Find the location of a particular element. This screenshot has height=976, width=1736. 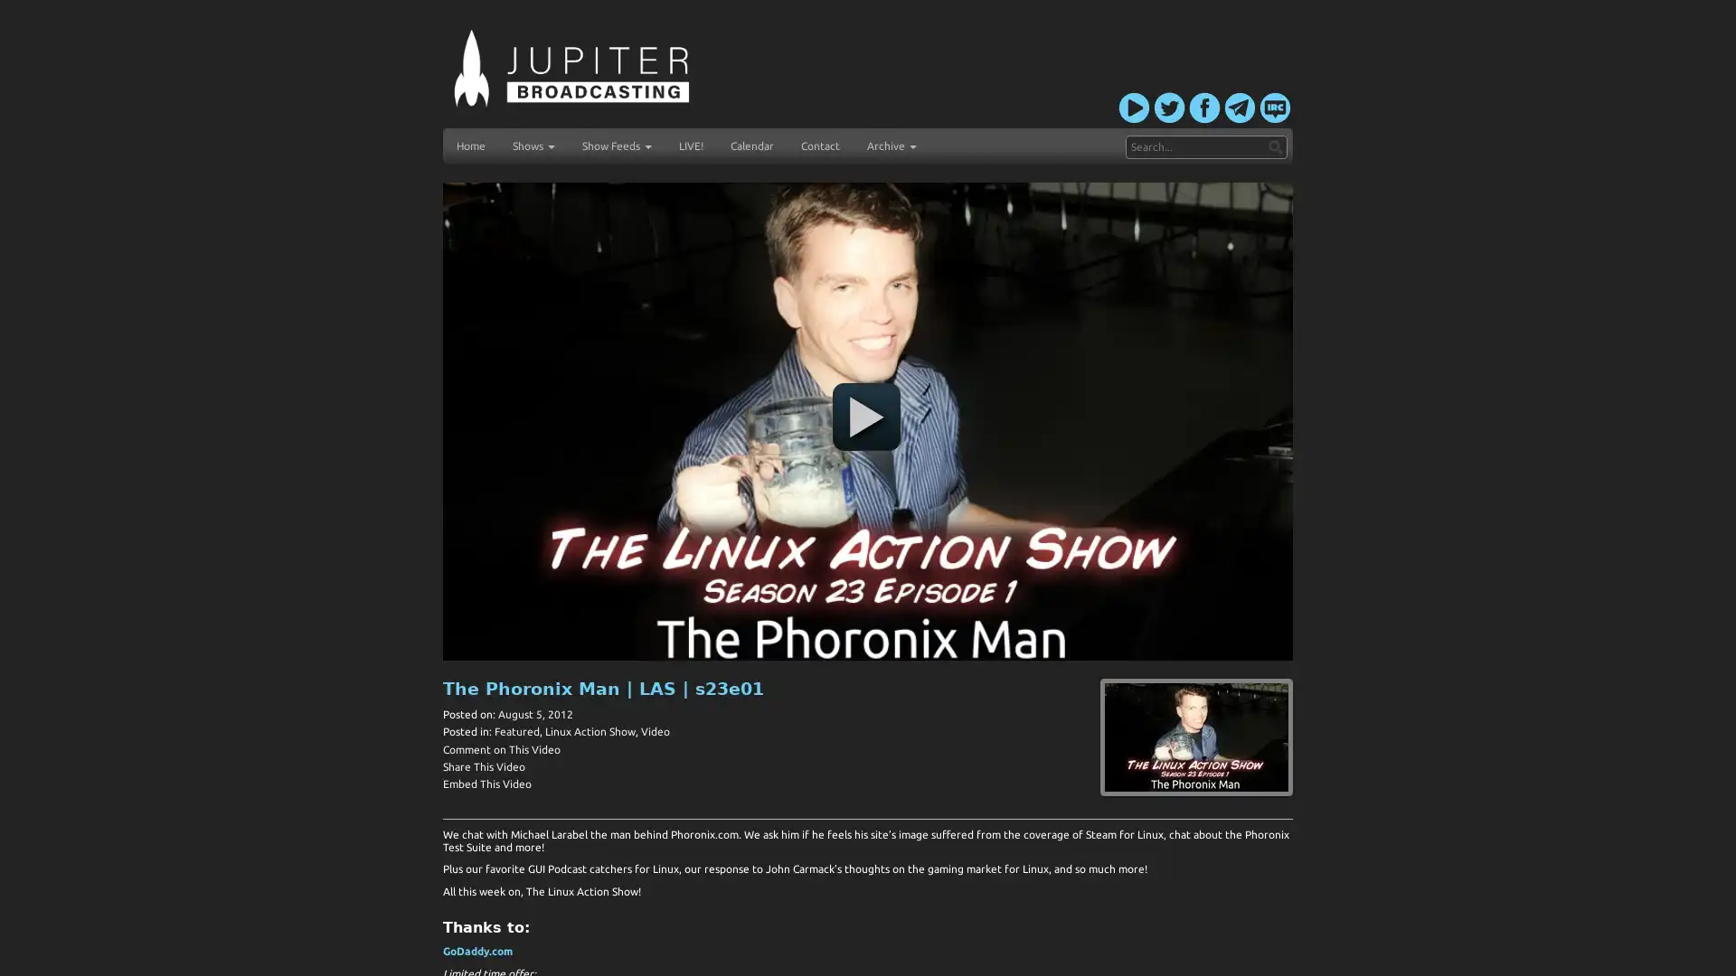

play video is located at coordinates (865, 417).